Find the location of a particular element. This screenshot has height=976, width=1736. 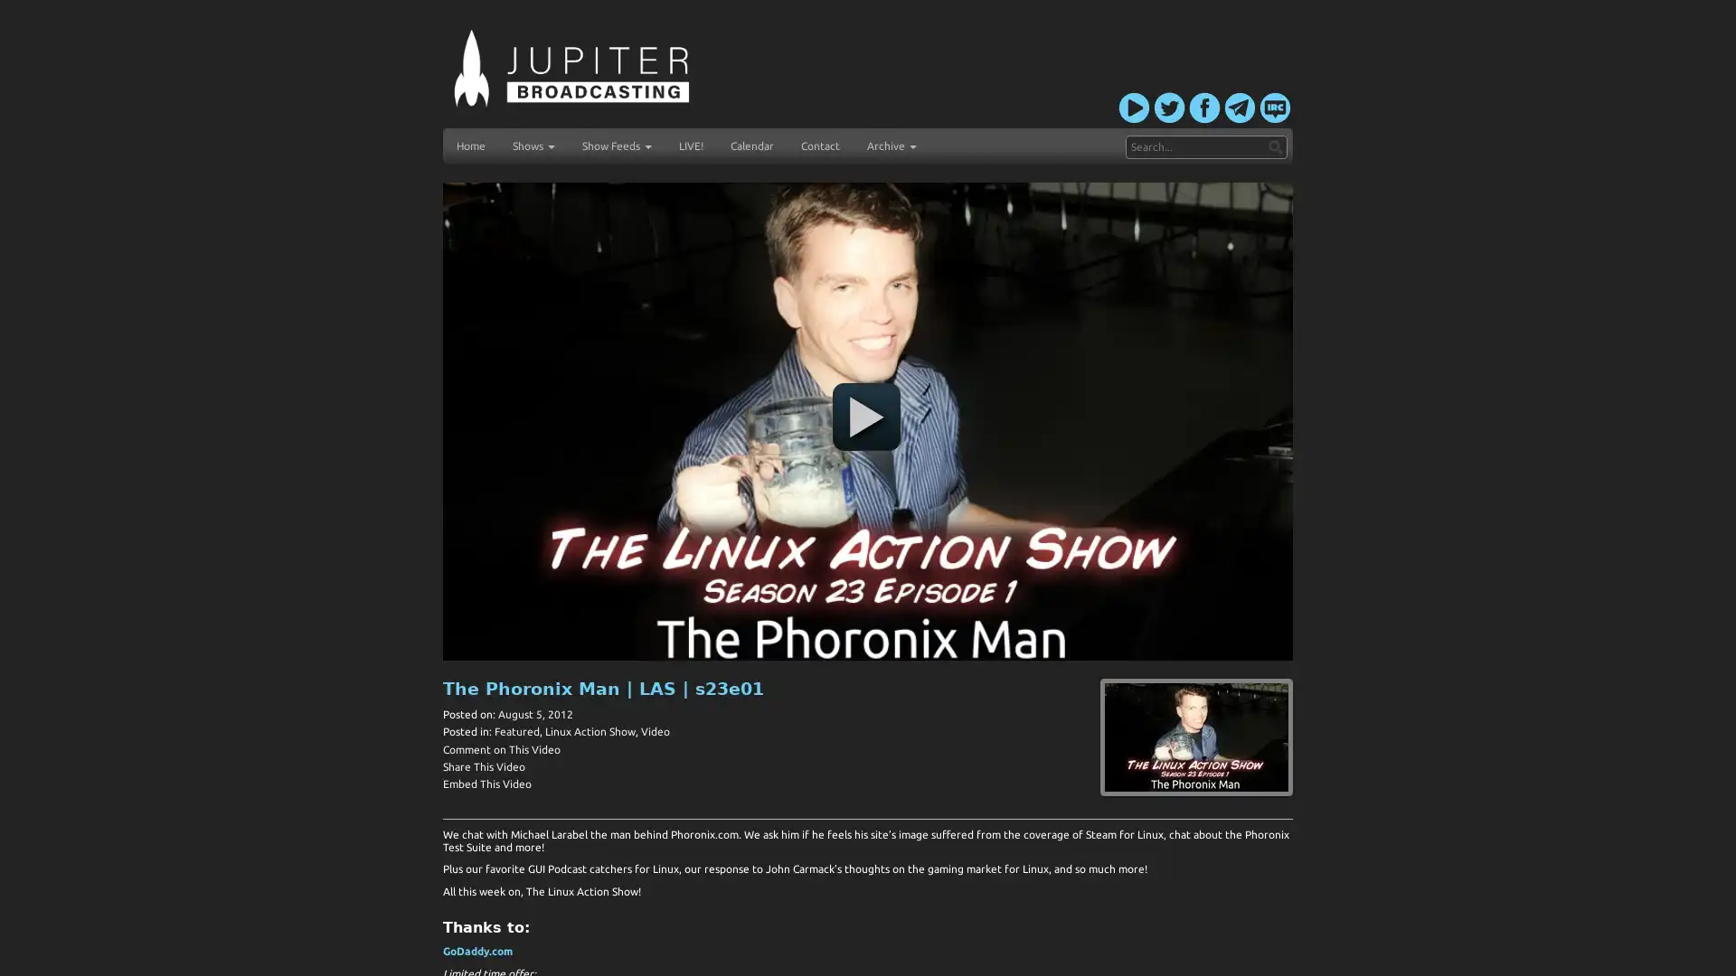

play video is located at coordinates (865, 417).